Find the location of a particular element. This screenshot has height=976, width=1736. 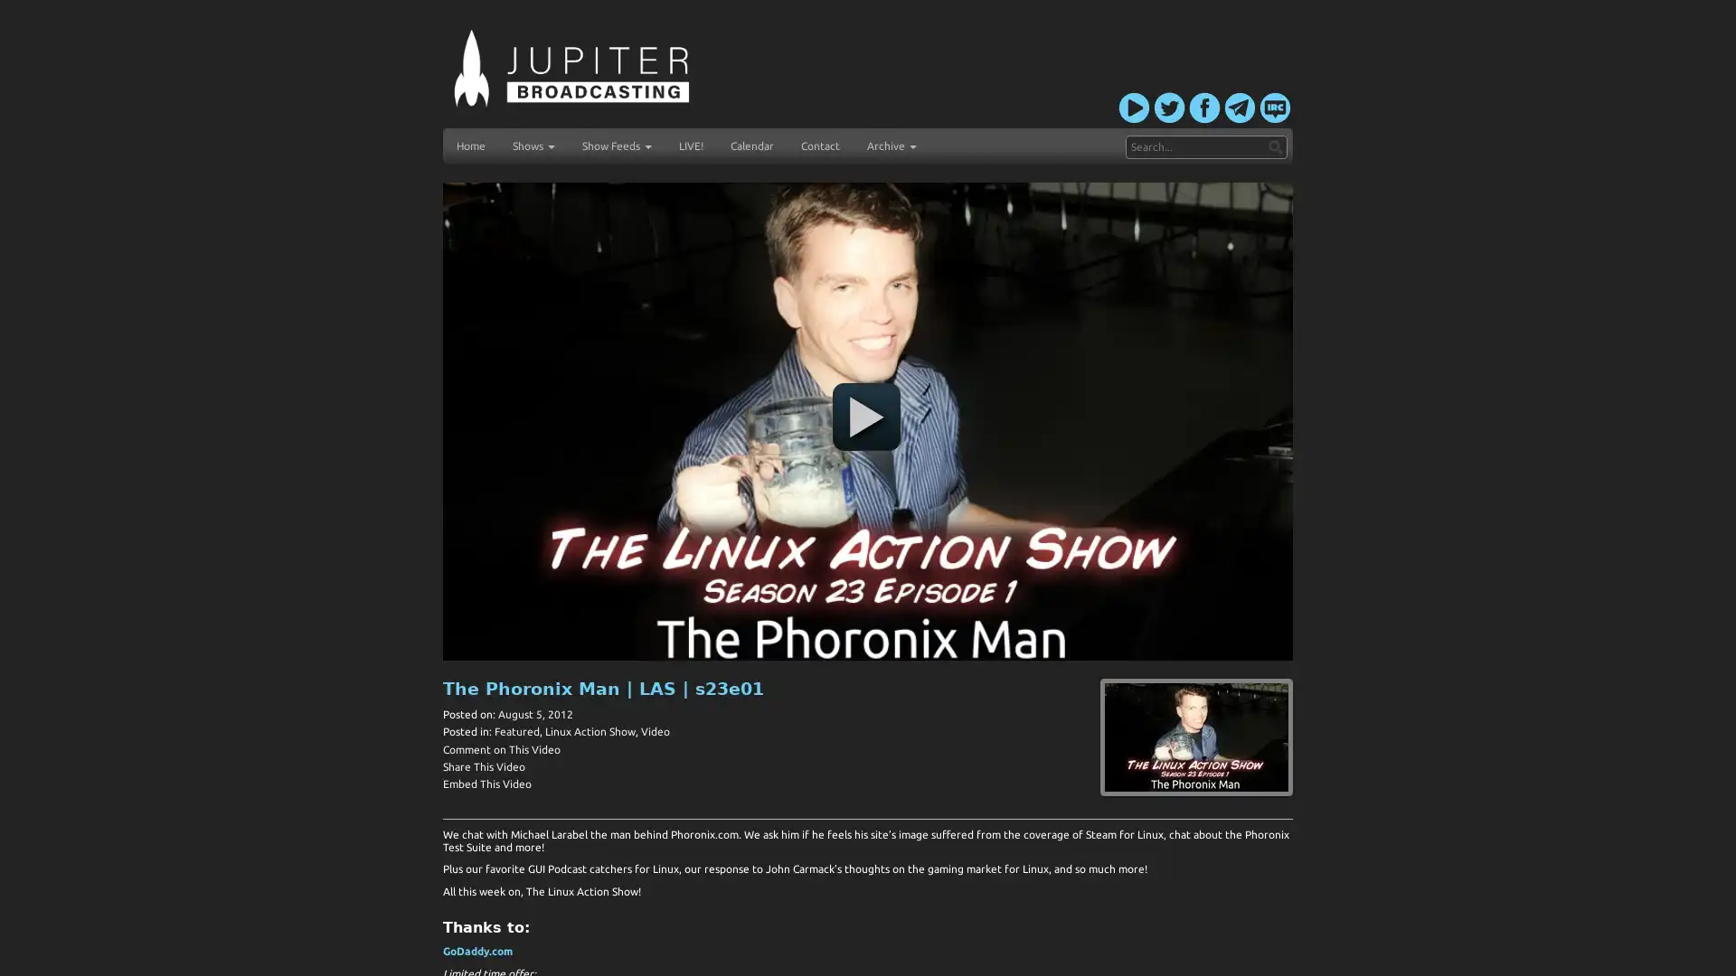

play video is located at coordinates (865, 417).